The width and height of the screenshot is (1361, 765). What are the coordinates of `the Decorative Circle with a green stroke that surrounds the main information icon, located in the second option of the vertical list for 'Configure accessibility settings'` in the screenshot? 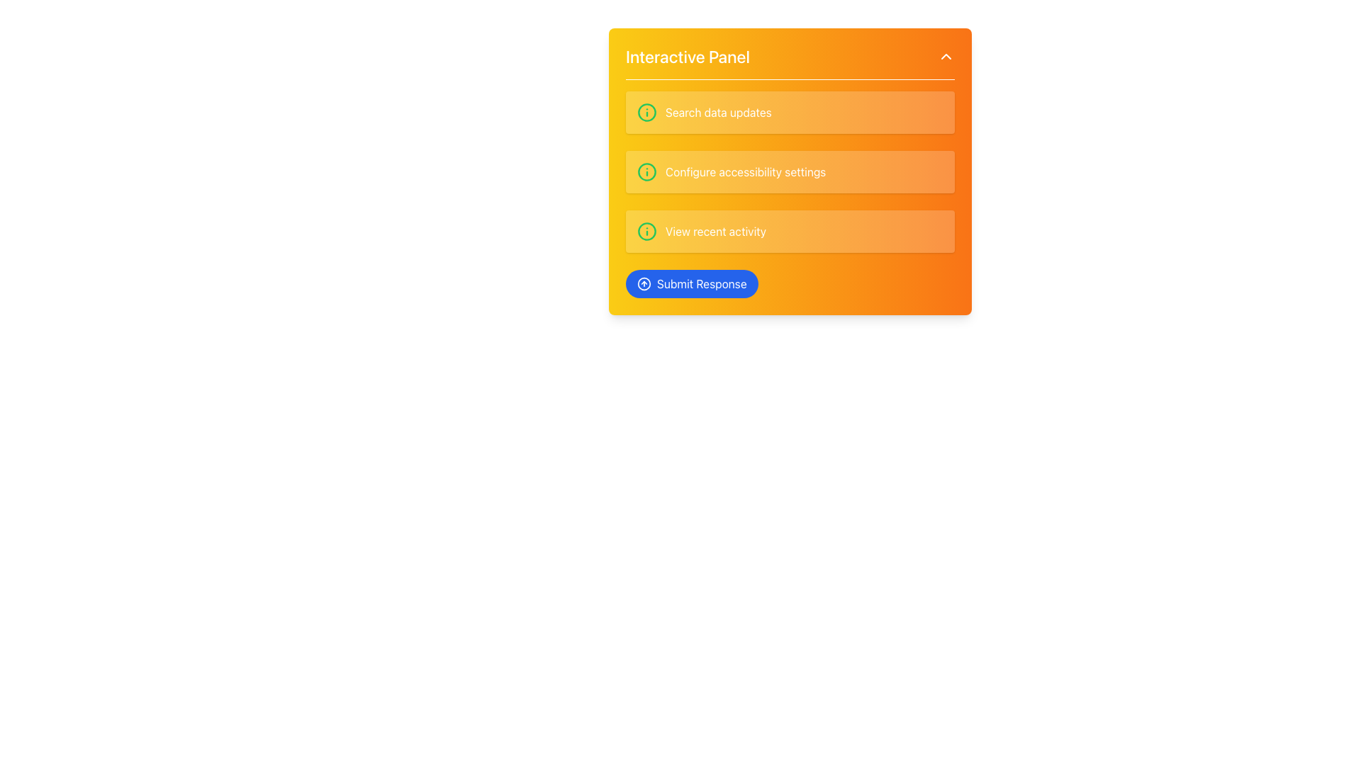 It's located at (646, 171).